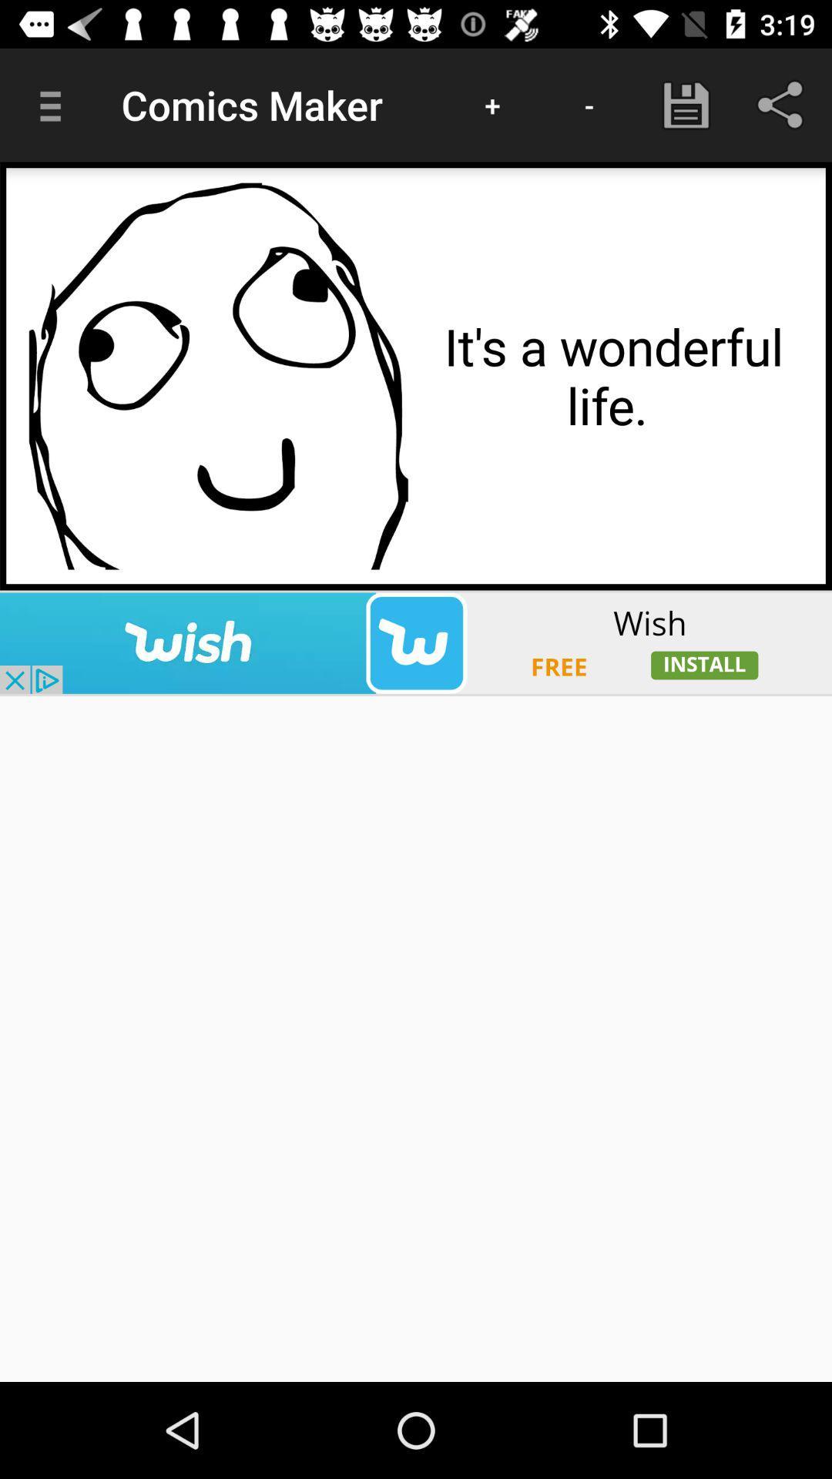 The width and height of the screenshot is (832, 1479). What do you see at coordinates (218, 376) in the screenshot?
I see `colour paga` at bounding box center [218, 376].